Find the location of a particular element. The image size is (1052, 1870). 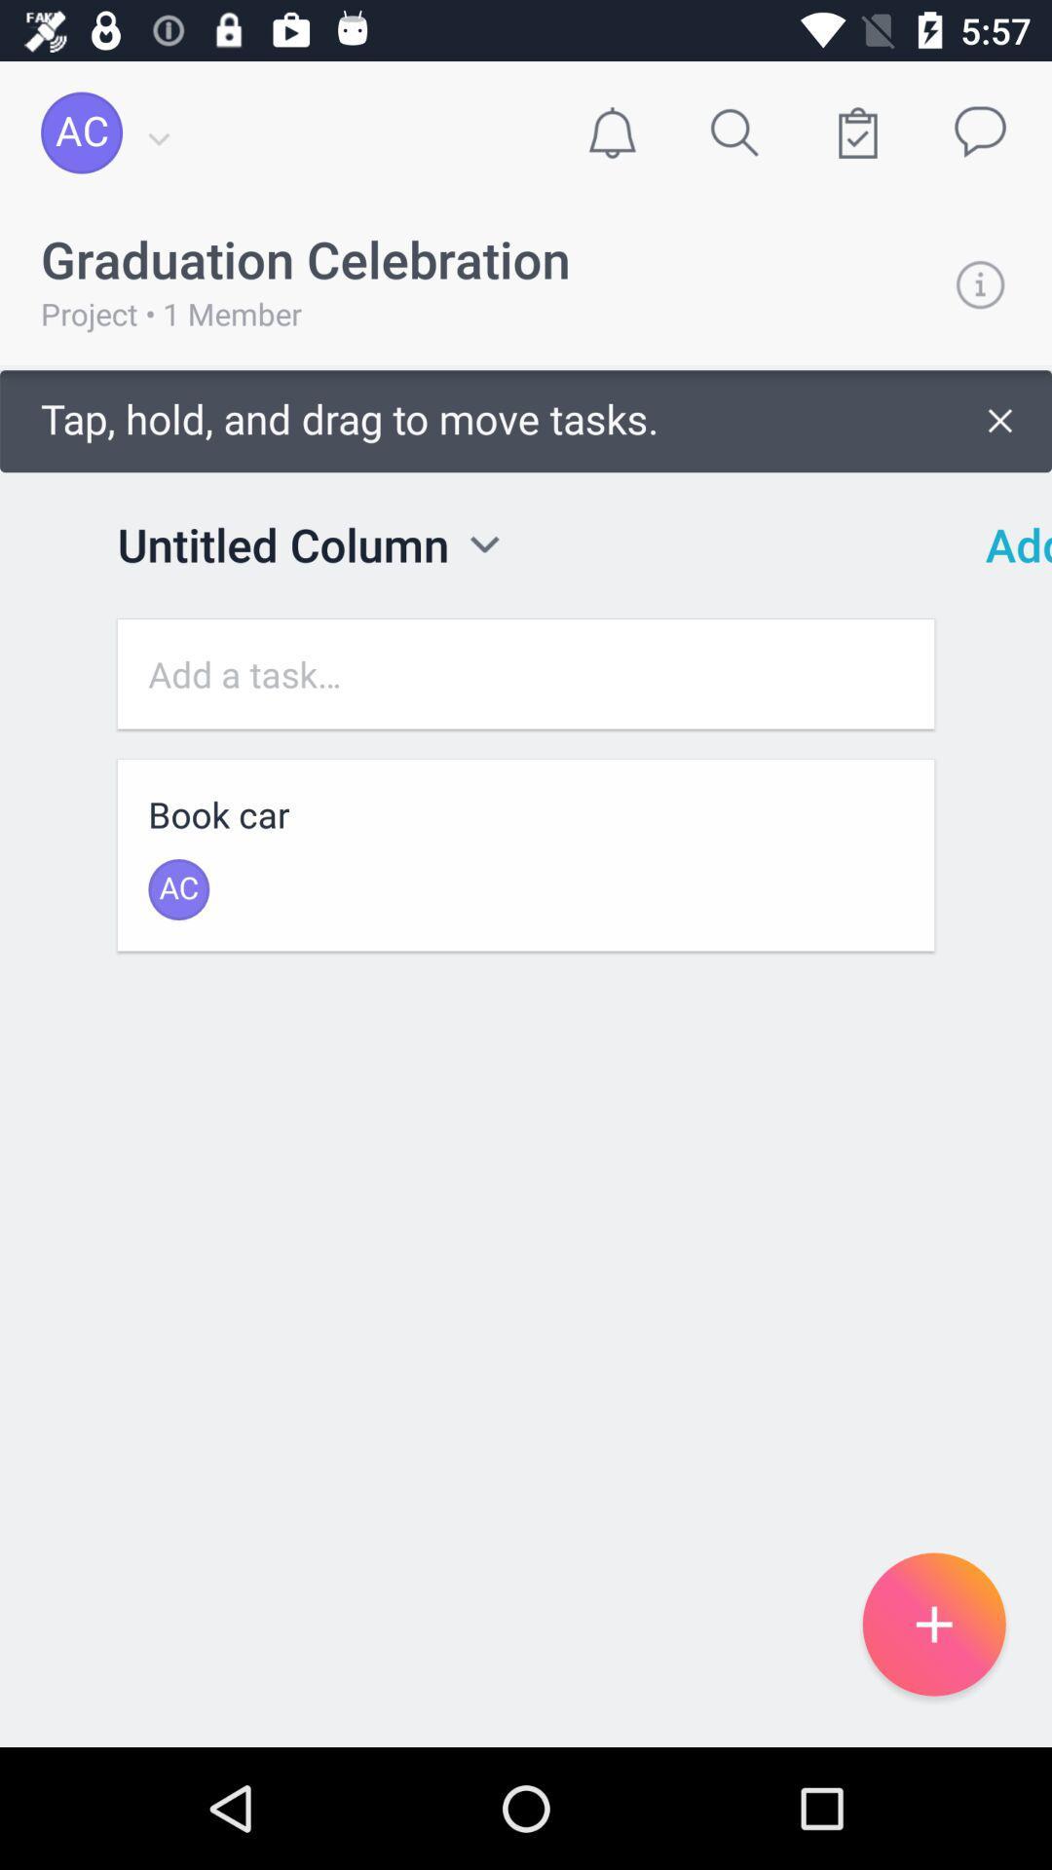

review options is located at coordinates (483, 544).